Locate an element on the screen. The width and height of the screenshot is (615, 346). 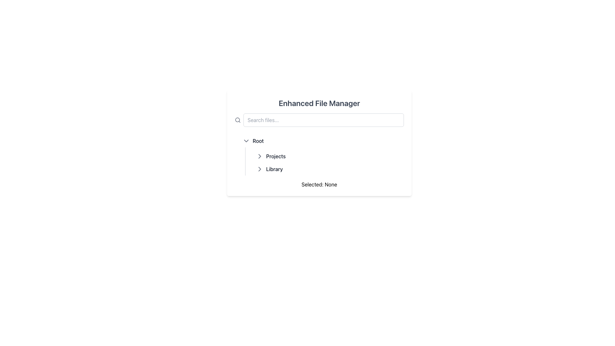
the text label displaying 'Enhanced File Manager' which is centrally positioned at the top of the file manager interface is located at coordinates (319, 103).